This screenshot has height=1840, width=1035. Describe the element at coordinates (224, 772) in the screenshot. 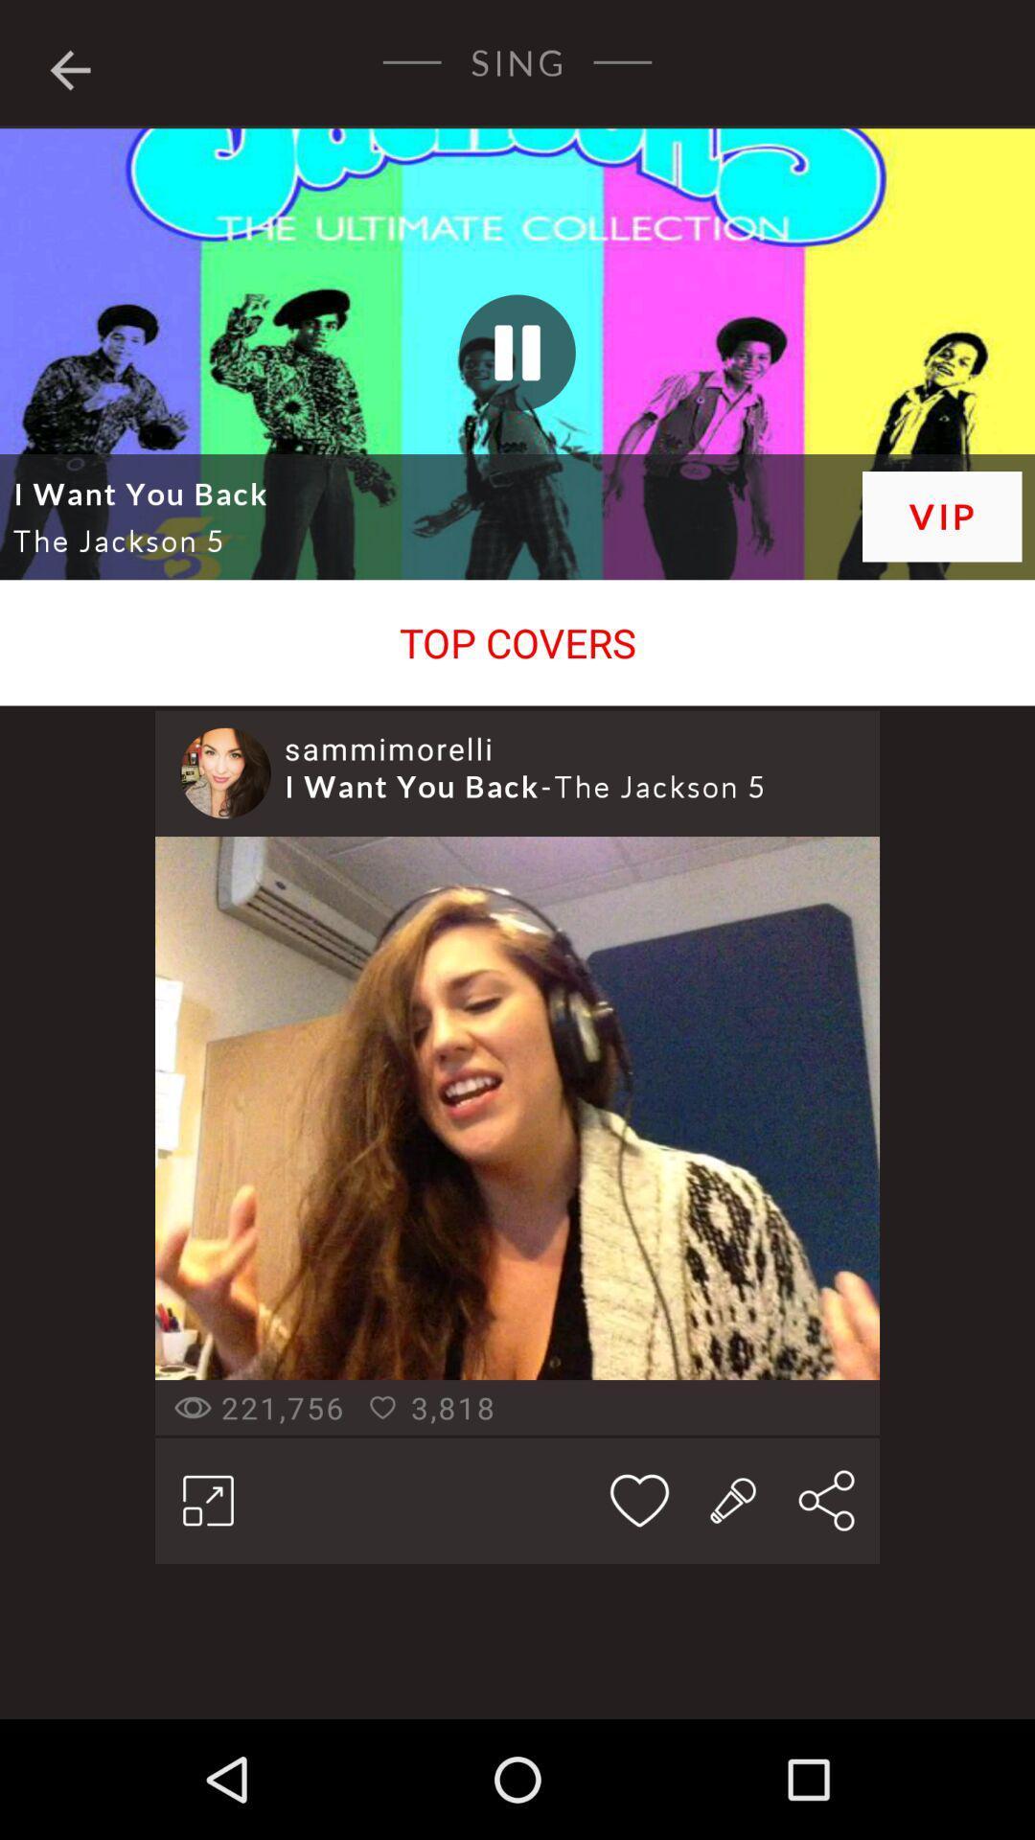

I see `item to the left of sammimorelli` at that location.